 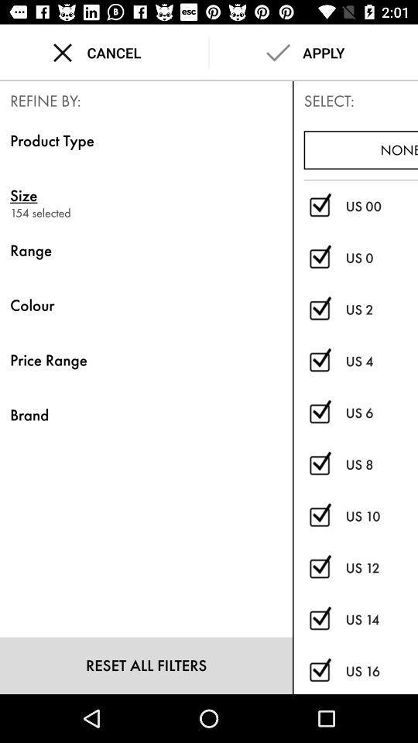 I want to click on us 00, so click(x=319, y=206).